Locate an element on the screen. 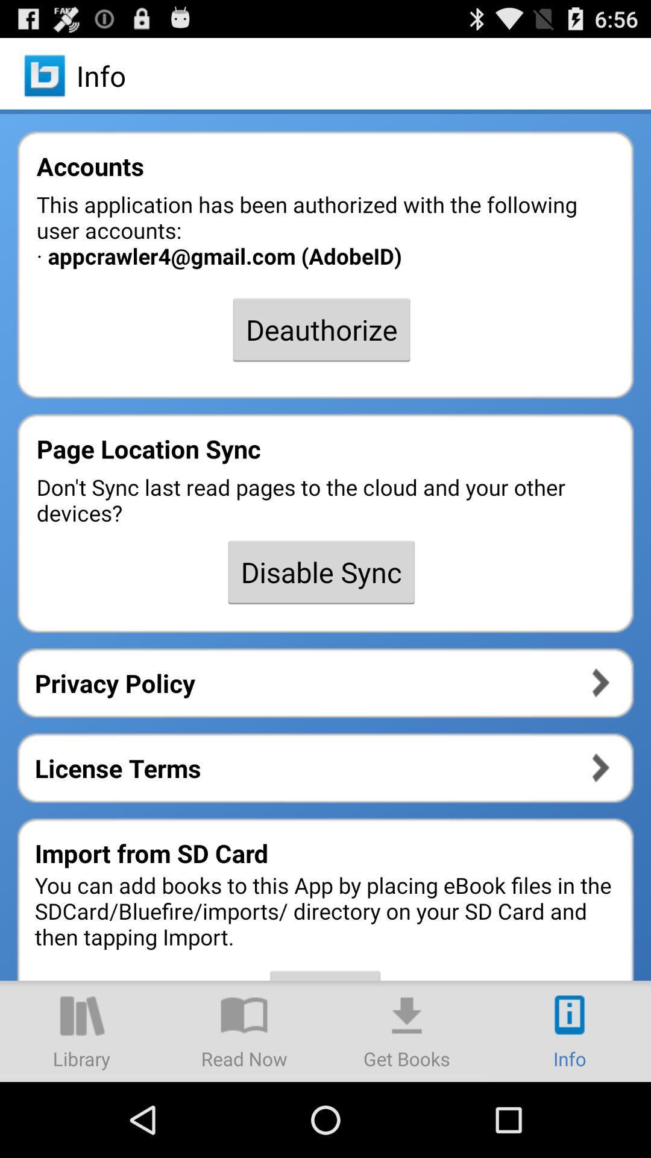 The height and width of the screenshot is (1158, 651). read article is located at coordinates (244, 1030).